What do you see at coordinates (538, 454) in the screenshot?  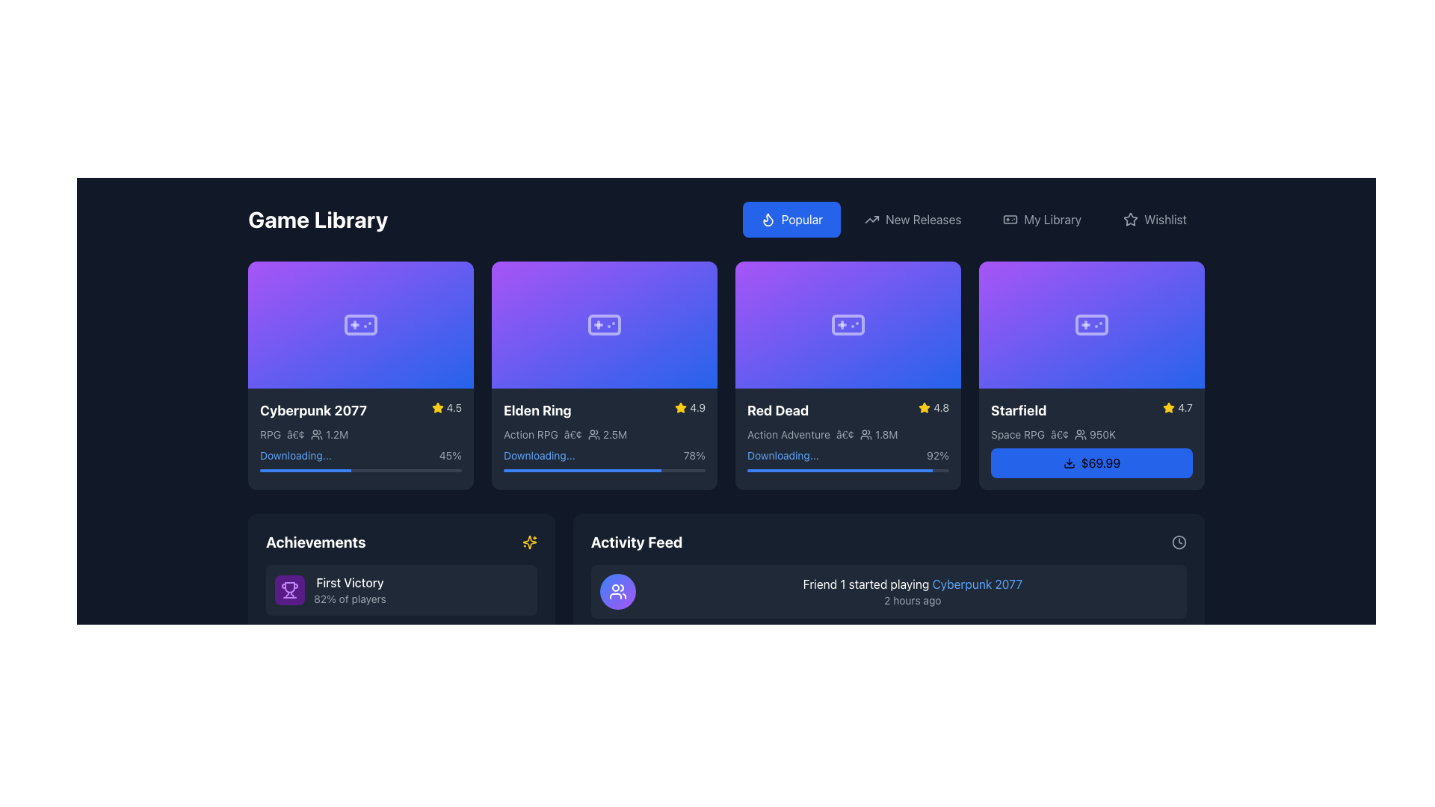 I see `the text label displaying 'Downloading...' within the 'Elden Ring' game card` at bounding box center [538, 454].